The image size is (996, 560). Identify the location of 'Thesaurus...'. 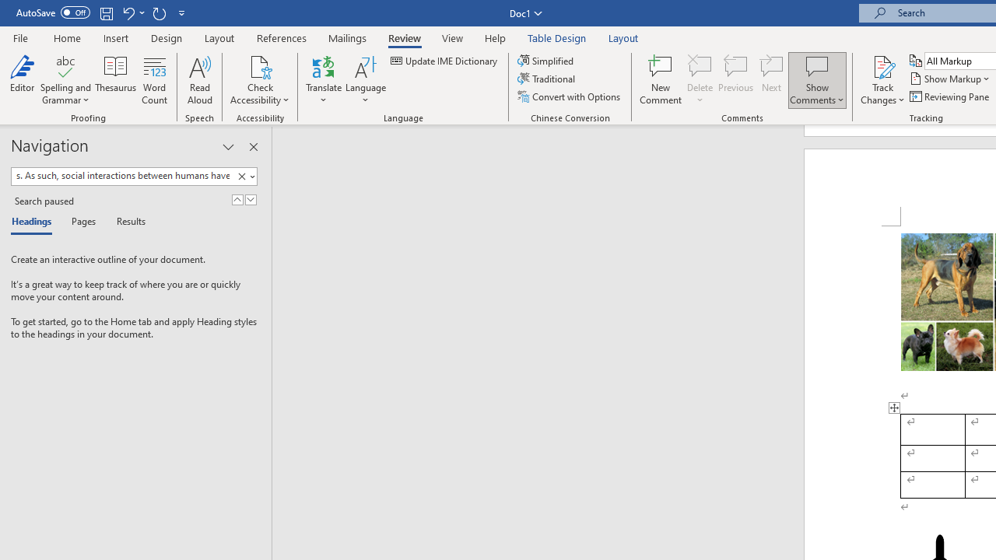
(115, 80).